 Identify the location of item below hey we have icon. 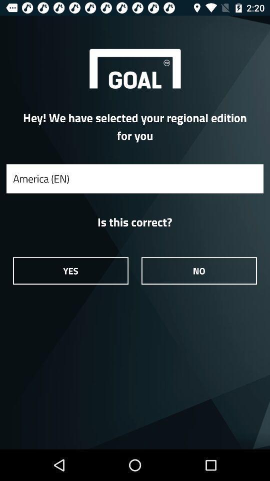
(135, 178).